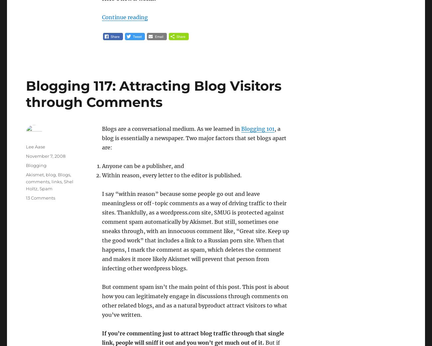  I want to click on 'Anyone can be a publisher, and', so click(143, 166).